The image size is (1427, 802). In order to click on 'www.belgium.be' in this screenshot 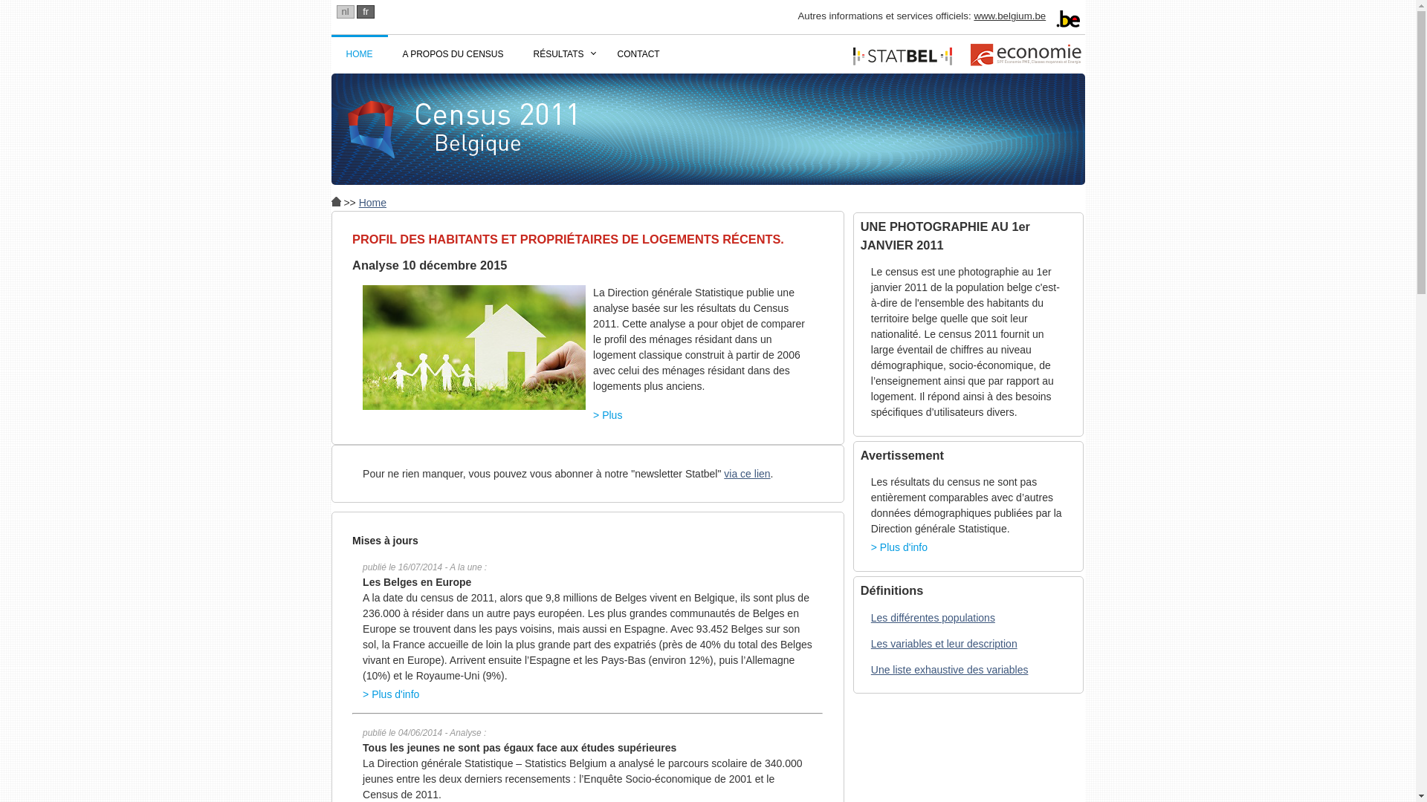, I will do `click(1009, 16)`.